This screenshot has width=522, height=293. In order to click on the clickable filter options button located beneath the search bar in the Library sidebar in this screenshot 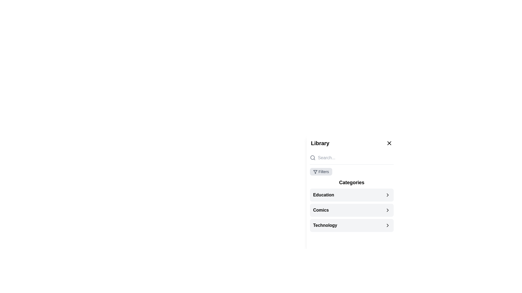, I will do `click(321, 171)`.